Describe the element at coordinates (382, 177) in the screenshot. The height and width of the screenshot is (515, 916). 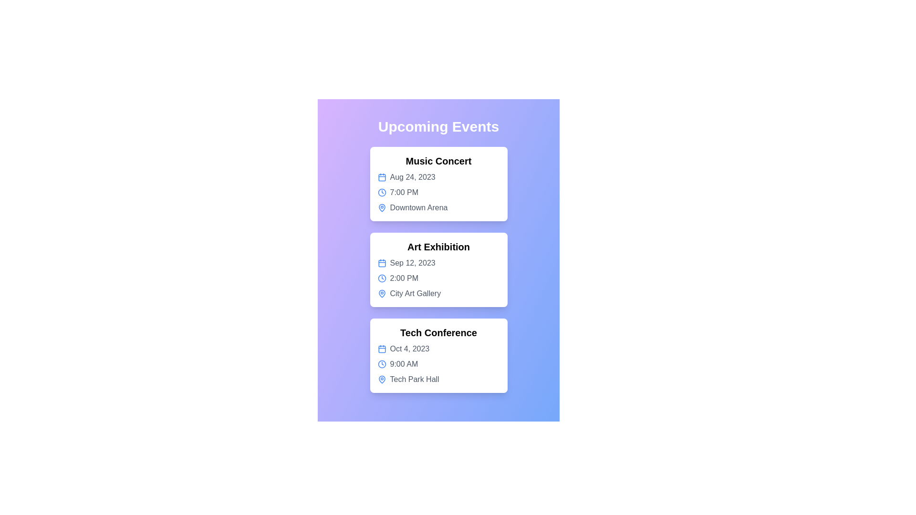
I see `the calendar icon representing the date 'Aug 24, 2023' in the upper left of the first event card under 'Upcoming Events'` at that location.